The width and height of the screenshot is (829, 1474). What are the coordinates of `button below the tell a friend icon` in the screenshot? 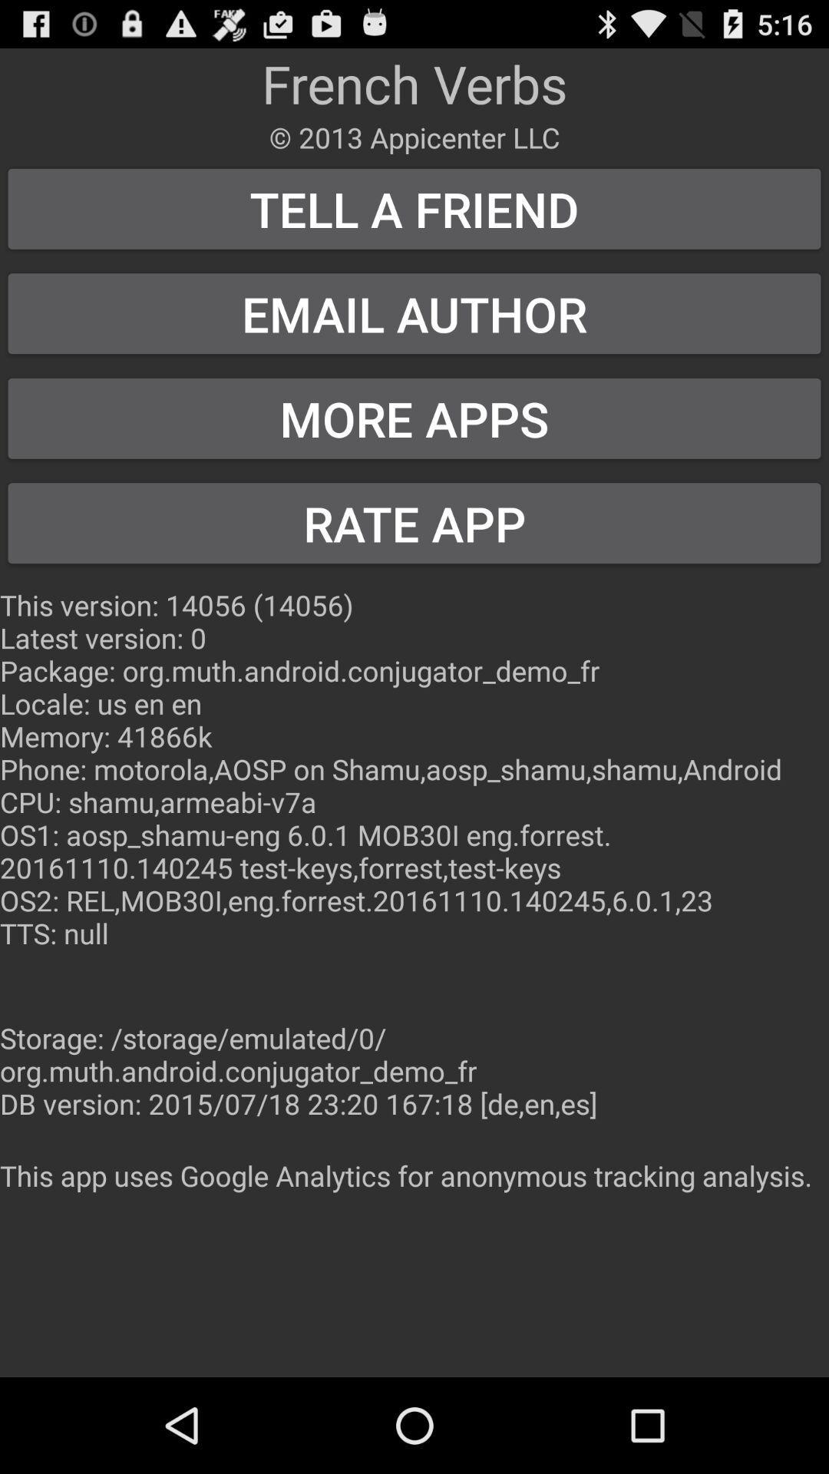 It's located at (414, 312).